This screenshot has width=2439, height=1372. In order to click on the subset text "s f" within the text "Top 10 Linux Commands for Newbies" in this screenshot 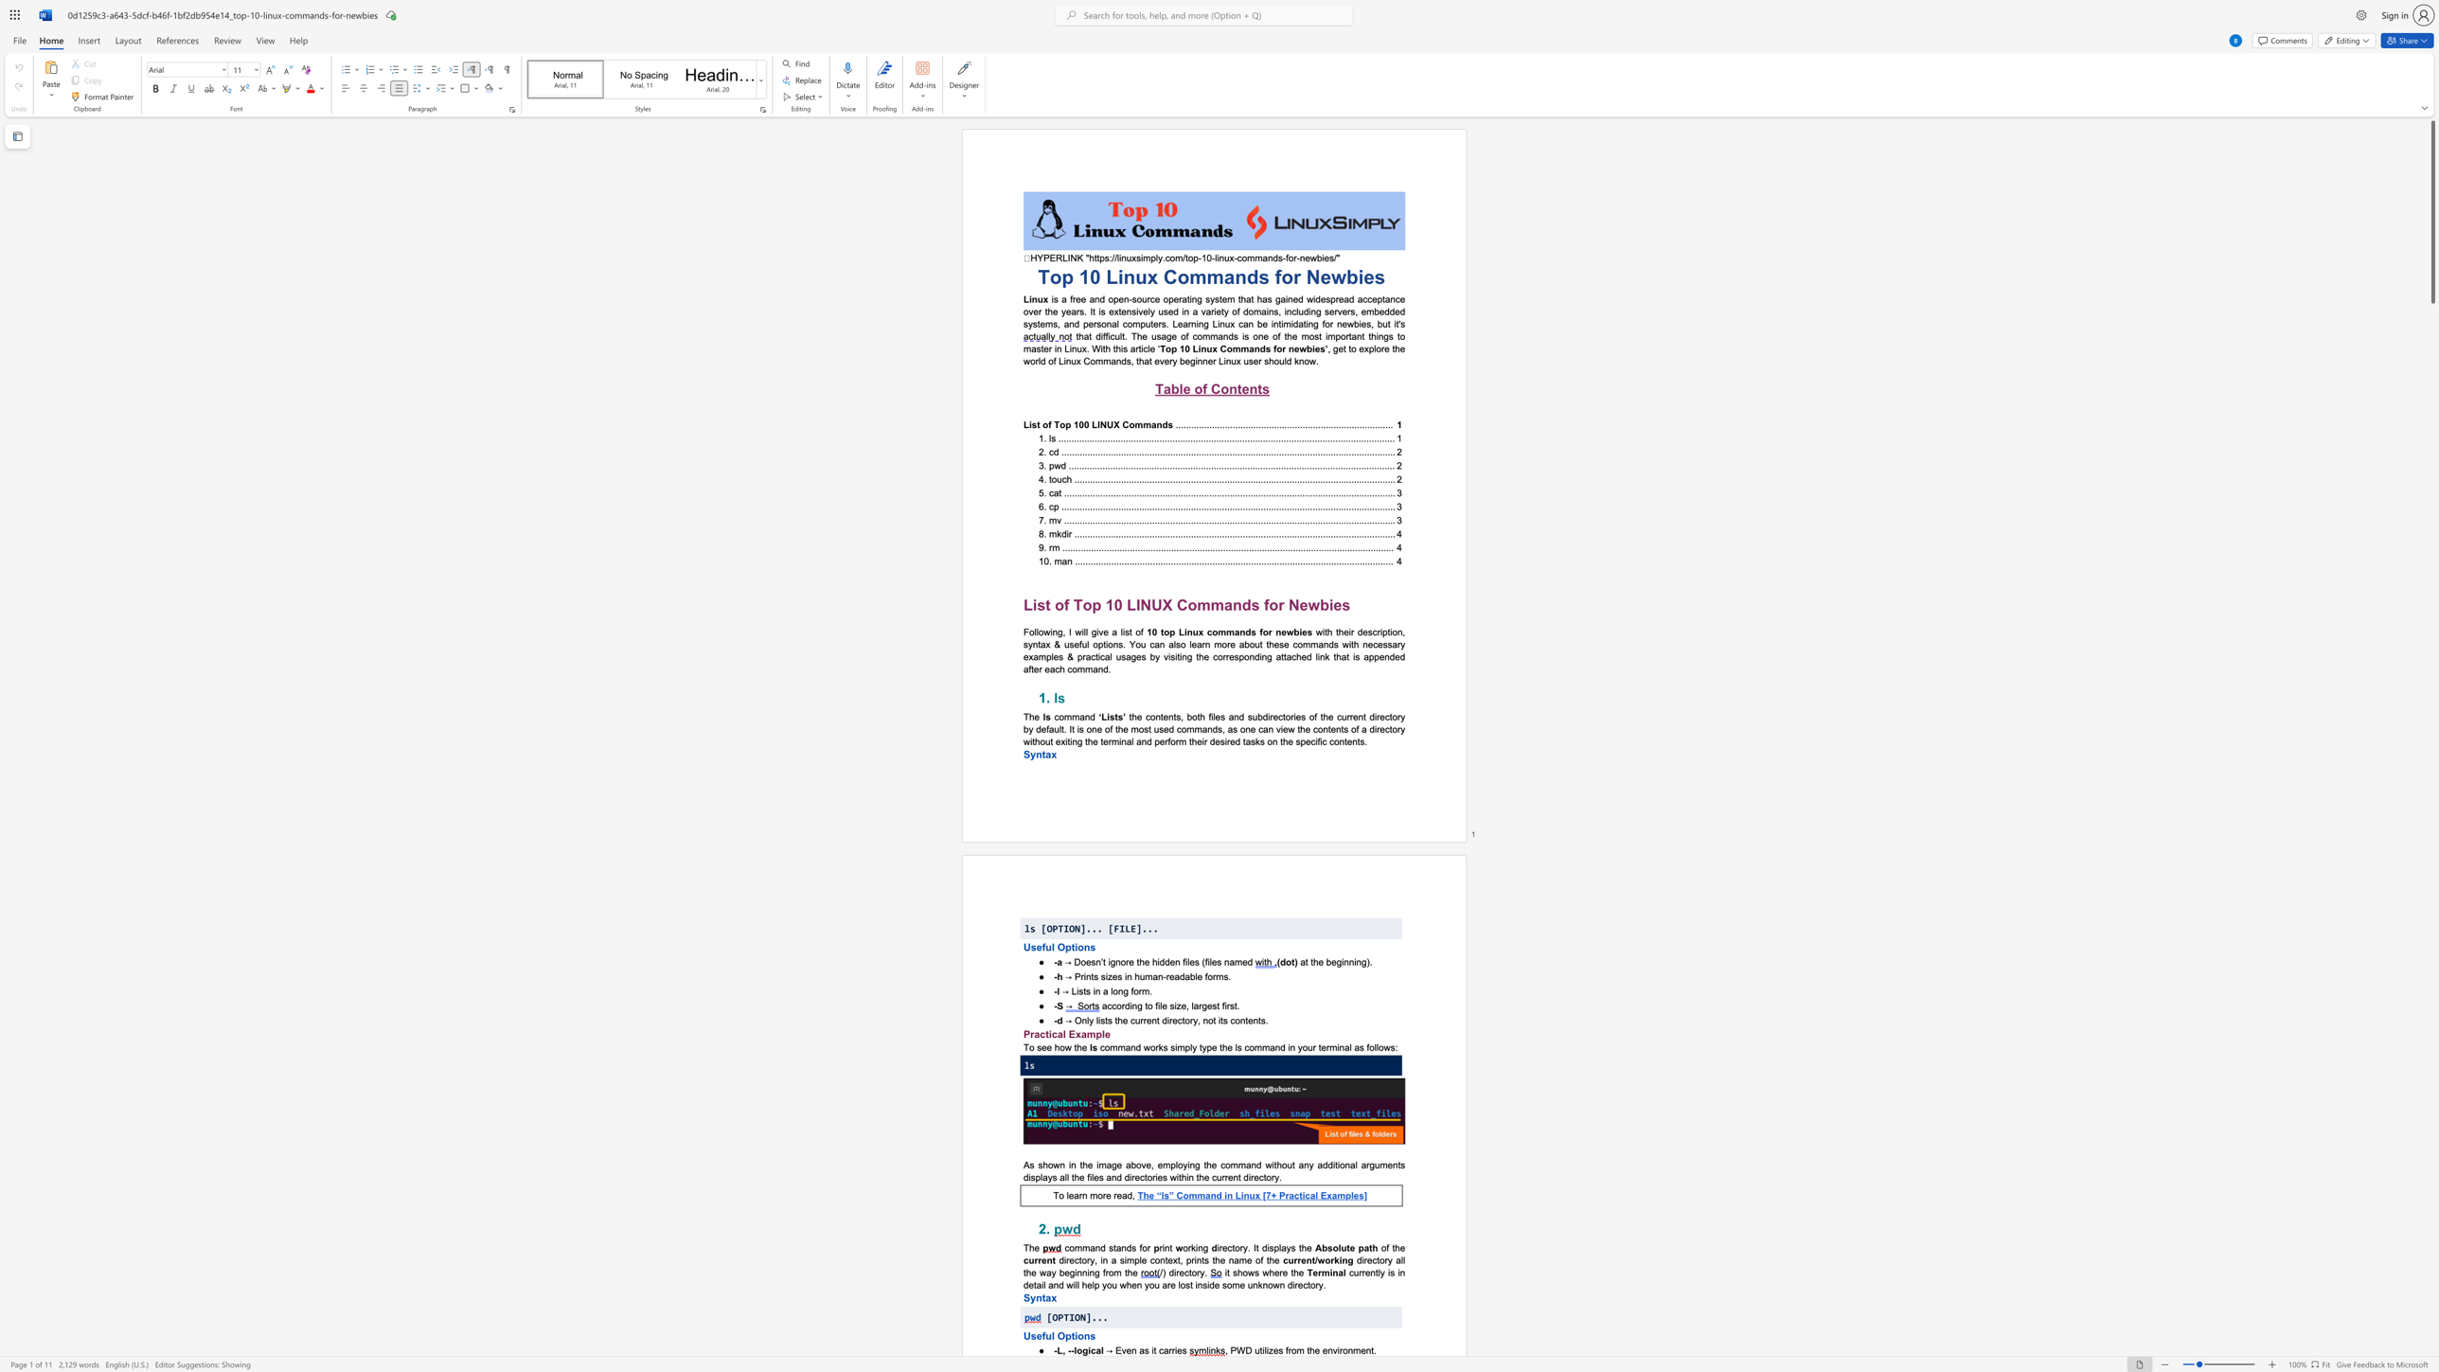, I will do `click(1257, 276)`.